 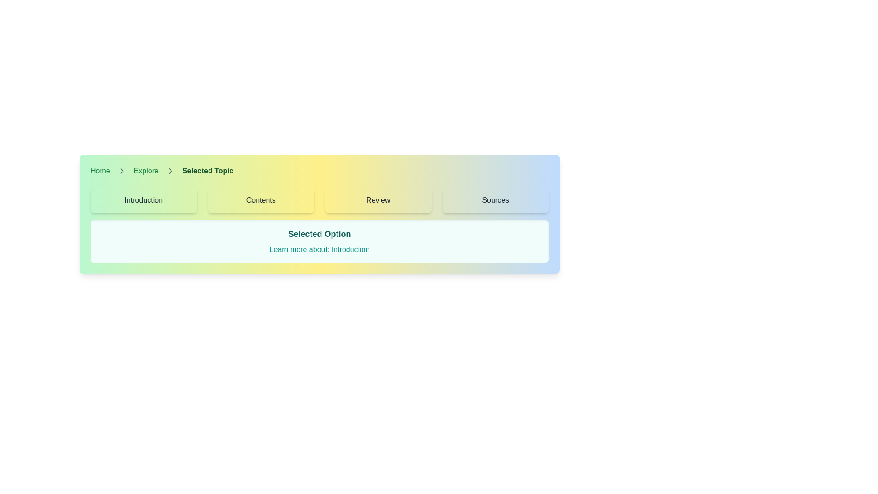 What do you see at coordinates (378, 200) in the screenshot?
I see `text content of the 'Review' label located in the horizontal navigation bar, positioned third among selectable options` at bounding box center [378, 200].